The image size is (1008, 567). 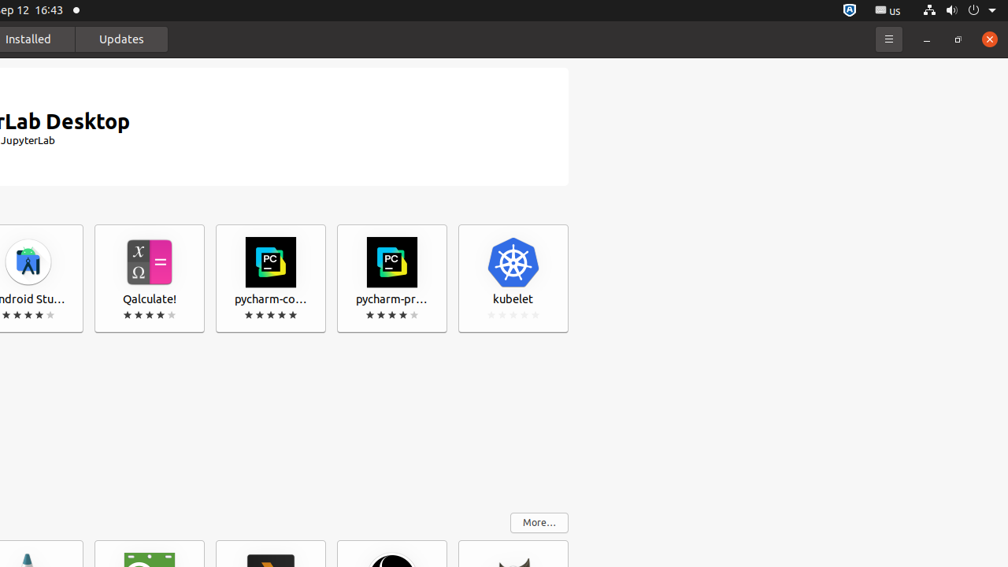 What do you see at coordinates (988, 38) in the screenshot?
I see `'Close'` at bounding box center [988, 38].